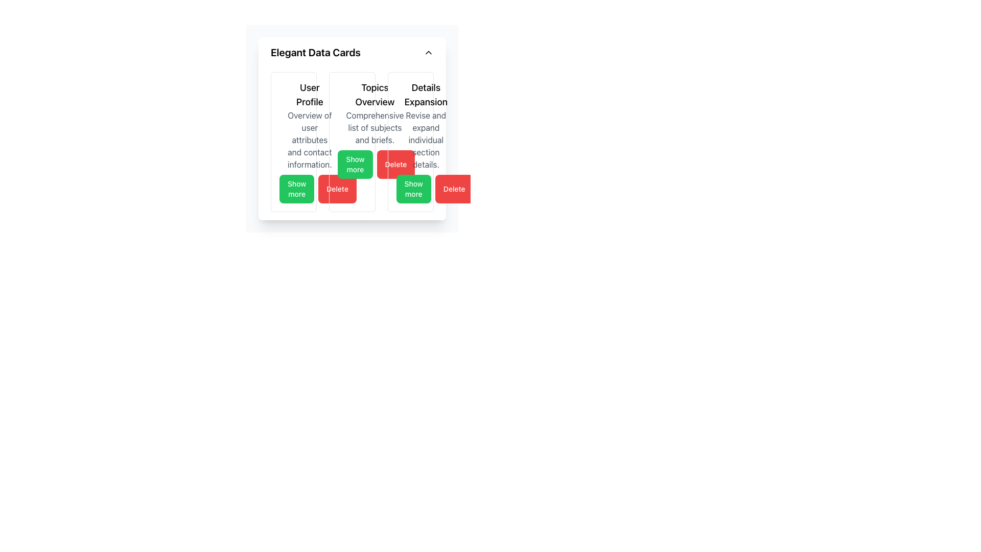  I want to click on the 'Show more' button on the third card in the grid layout, so click(410, 142).